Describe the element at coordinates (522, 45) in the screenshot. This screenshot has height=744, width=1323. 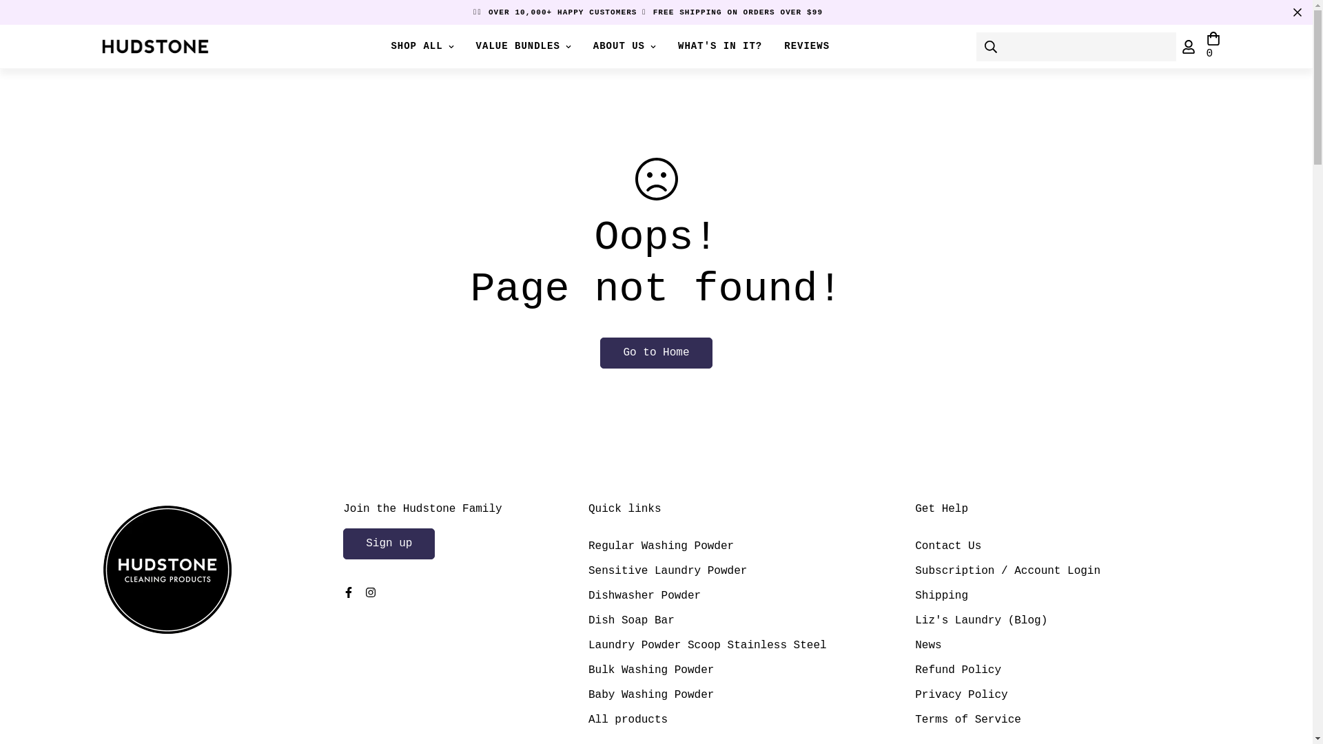
I see `'VALUE BUNDLES'` at that location.